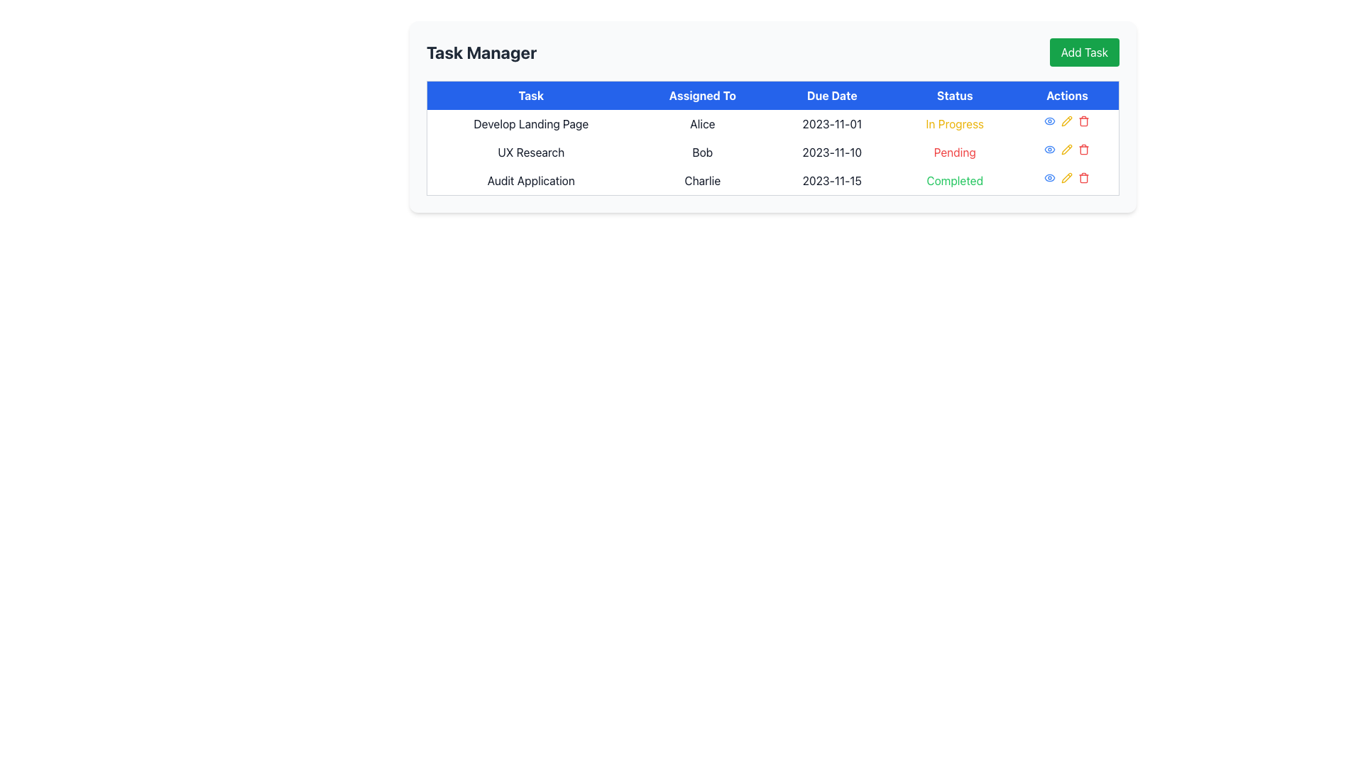 This screenshot has height=766, width=1363. Describe the element at coordinates (1083, 120) in the screenshot. I see `the delete button represented by a red trash can icon located in the last position of the Actions column in the table` at that location.